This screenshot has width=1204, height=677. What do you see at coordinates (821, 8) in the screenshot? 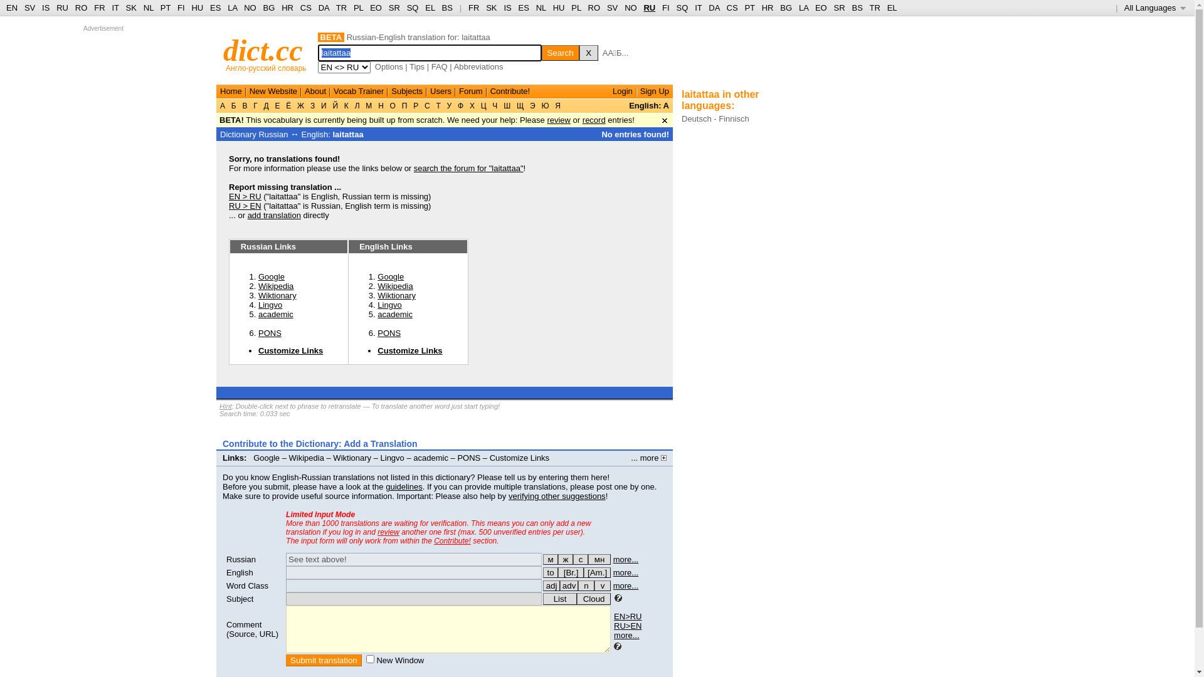
I see `'EO'` at bounding box center [821, 8].